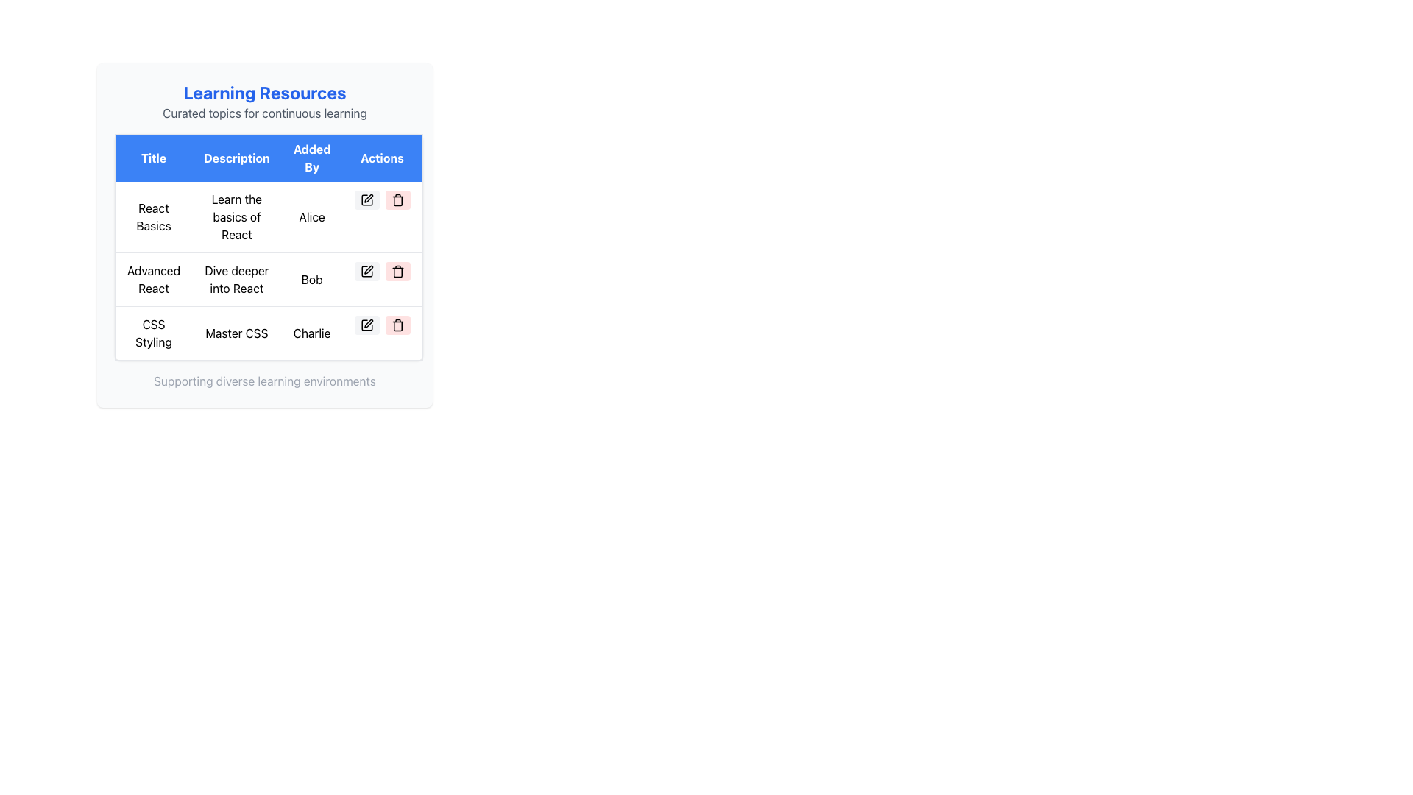  Describe the element at coordinates (366, 325) in the screenshot. I see `the minimalistic icon with rounded edges within the SVG element located in the 'Actions' column of the third row in the Learning Resources table` at that location.